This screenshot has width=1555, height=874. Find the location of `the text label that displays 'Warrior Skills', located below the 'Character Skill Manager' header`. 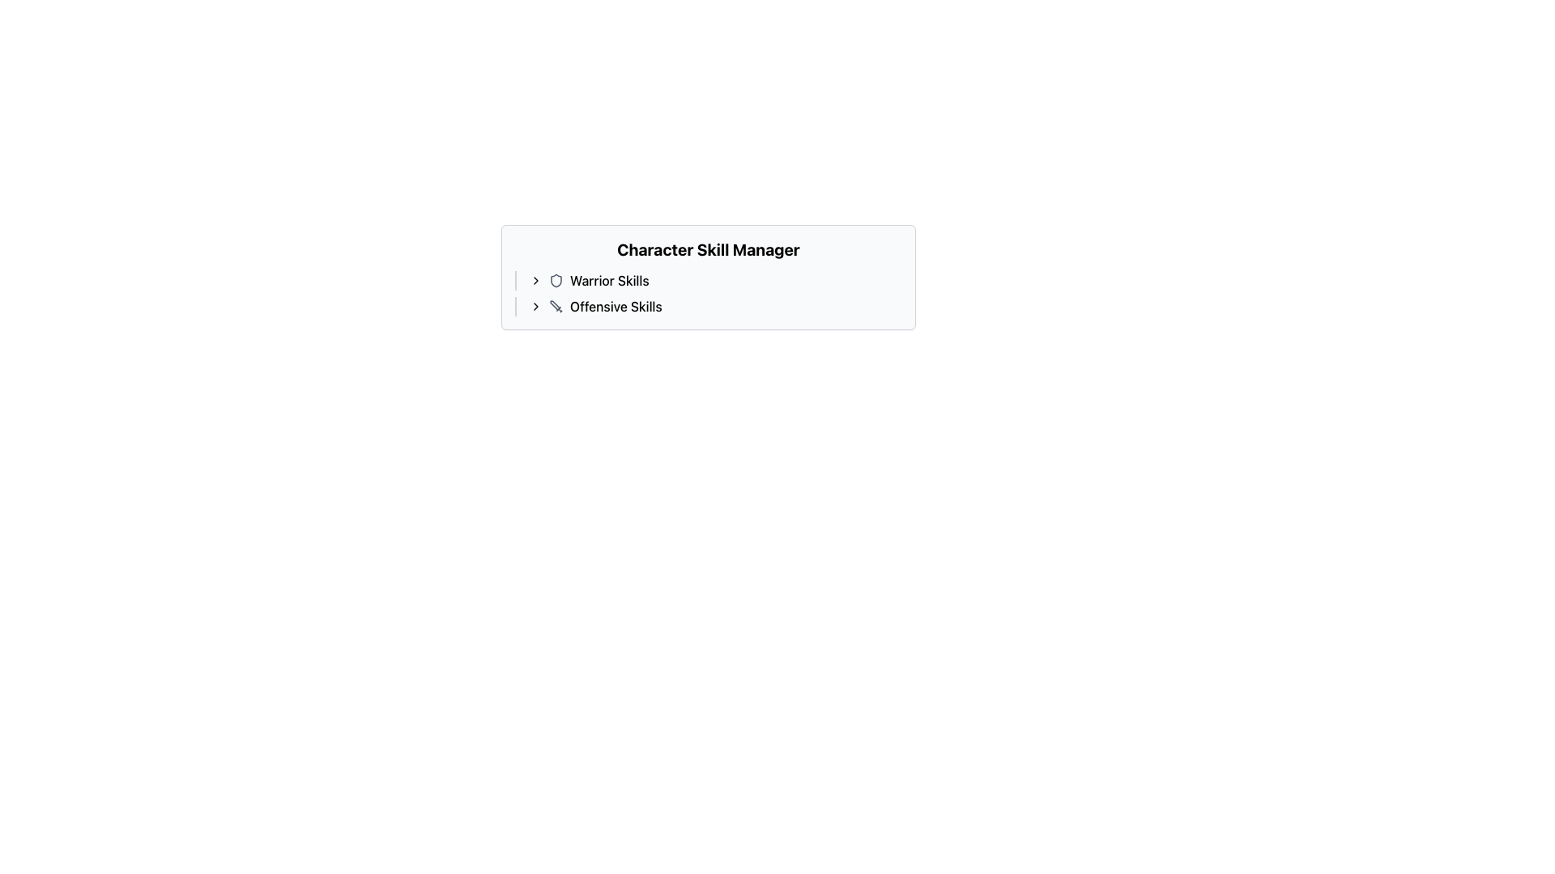

the text label that displays 'Warrior Skills', located below the 'Character Skill Manager' header is located at coordinates (608, 280).